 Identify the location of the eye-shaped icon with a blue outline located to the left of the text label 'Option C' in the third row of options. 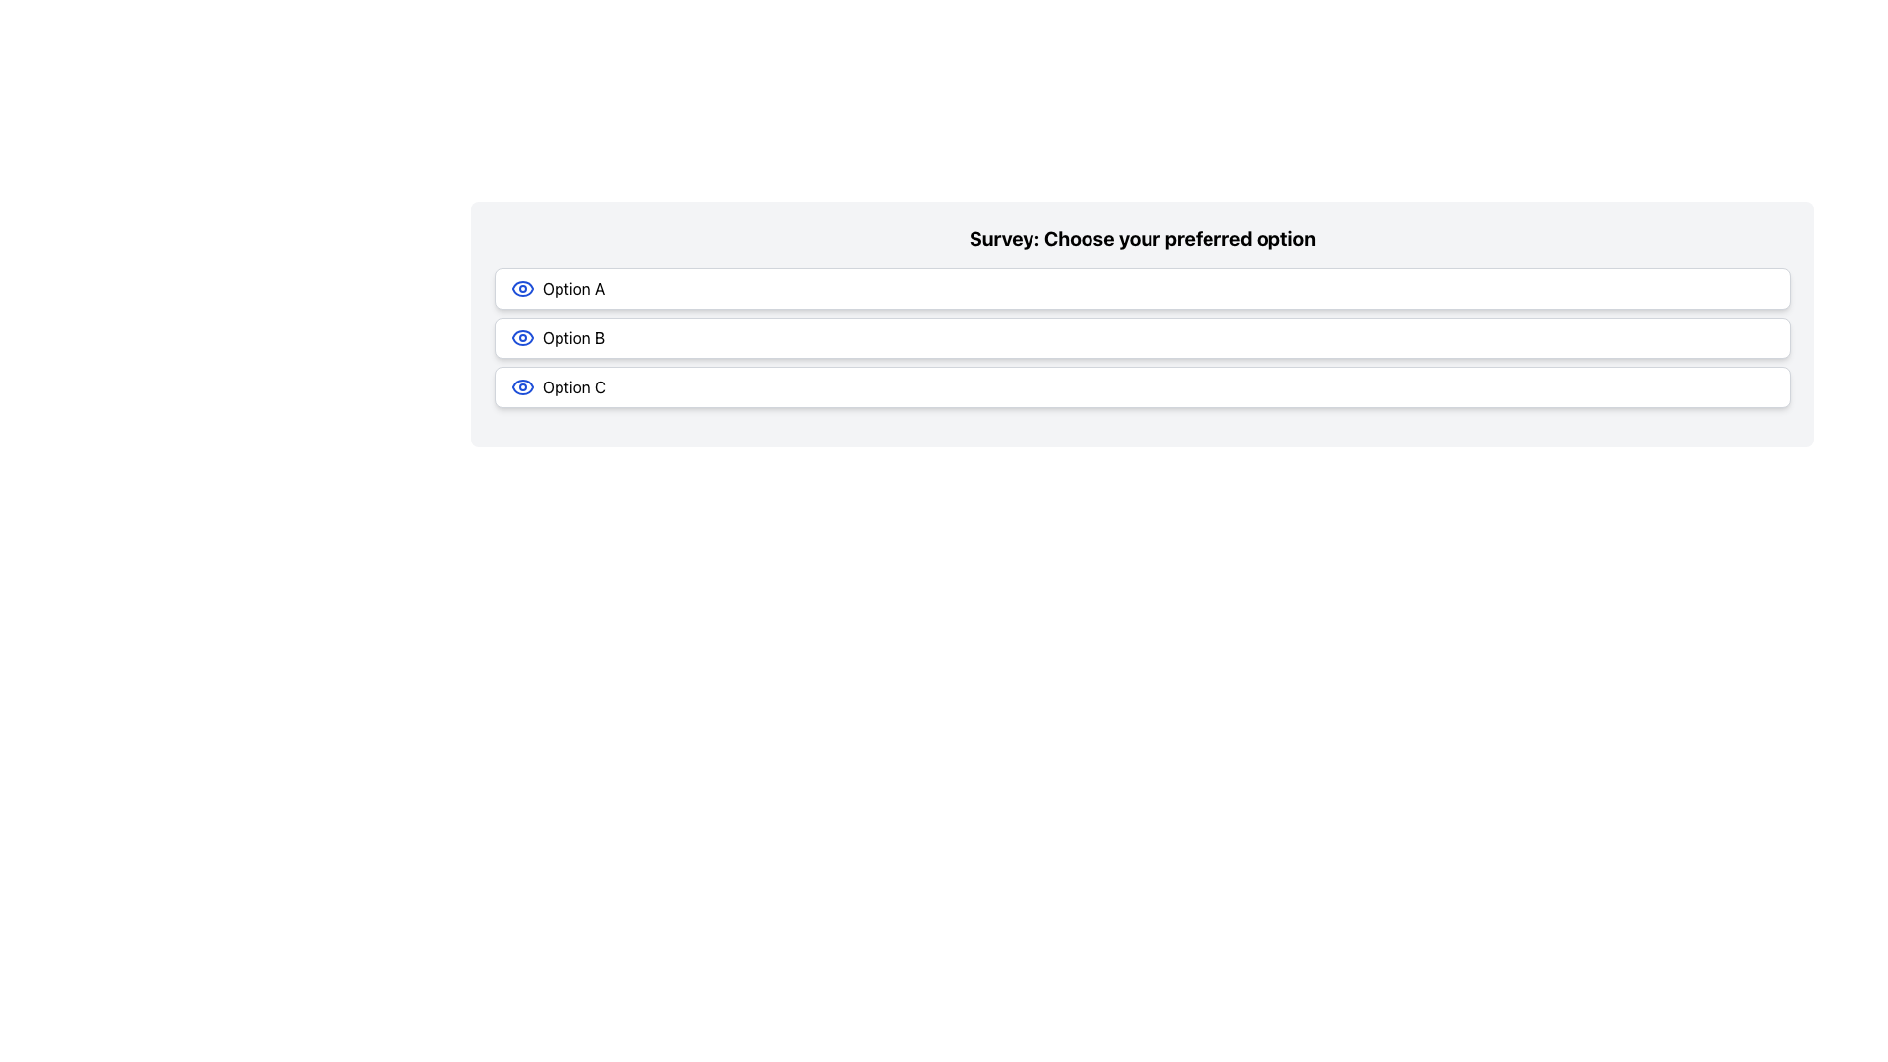
(523, 386).